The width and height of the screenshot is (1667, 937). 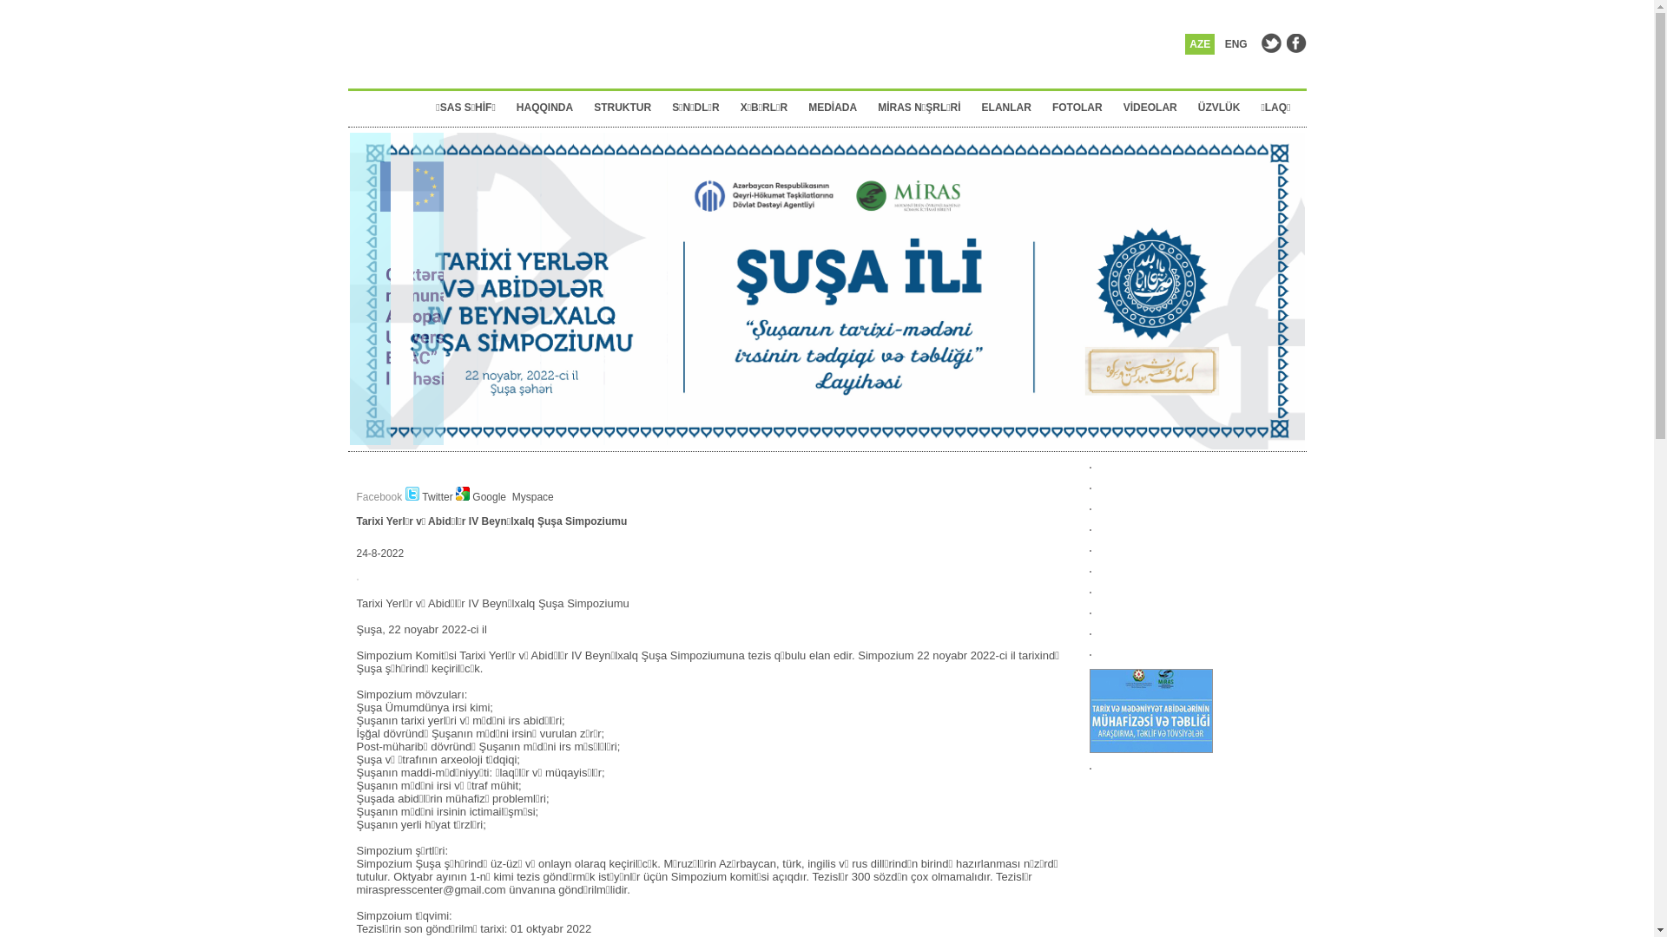 I want to click on 'HAQQINDA', so click(x=516, y=107).